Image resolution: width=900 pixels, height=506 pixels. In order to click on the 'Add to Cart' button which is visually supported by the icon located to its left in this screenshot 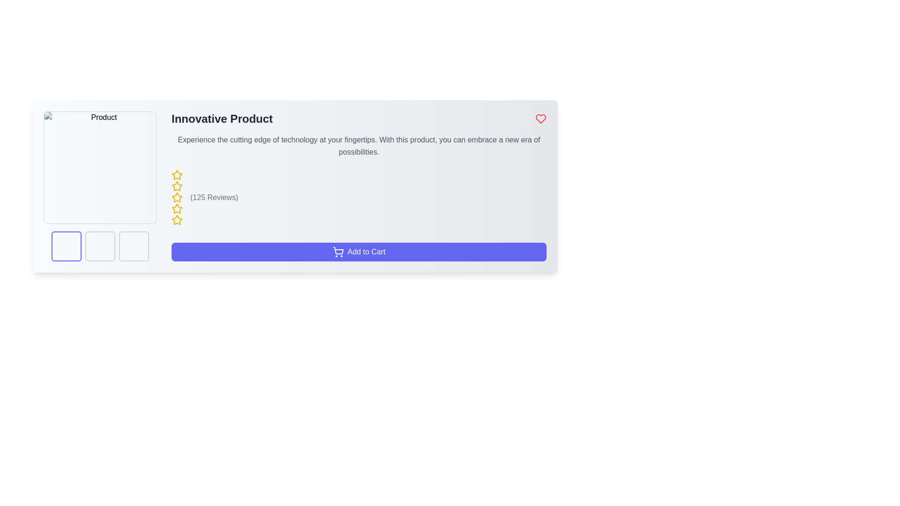, I will do `click(337, 251)`.